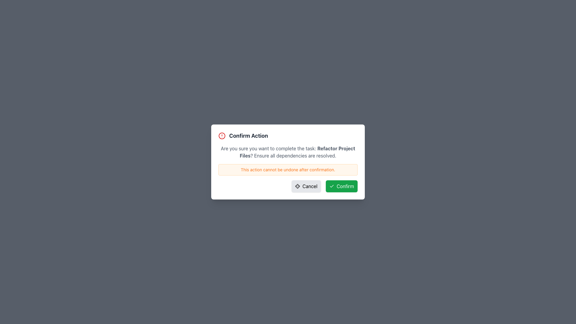  What do you see at coordinates (298, 186) in the screenshot?
I see `the cancel icon, which is a compact SVG cross icon styled with a rounded design, located on the left side of the 'Cancel' button in a horizontally centered modal window` at bounding box center [298, 186].